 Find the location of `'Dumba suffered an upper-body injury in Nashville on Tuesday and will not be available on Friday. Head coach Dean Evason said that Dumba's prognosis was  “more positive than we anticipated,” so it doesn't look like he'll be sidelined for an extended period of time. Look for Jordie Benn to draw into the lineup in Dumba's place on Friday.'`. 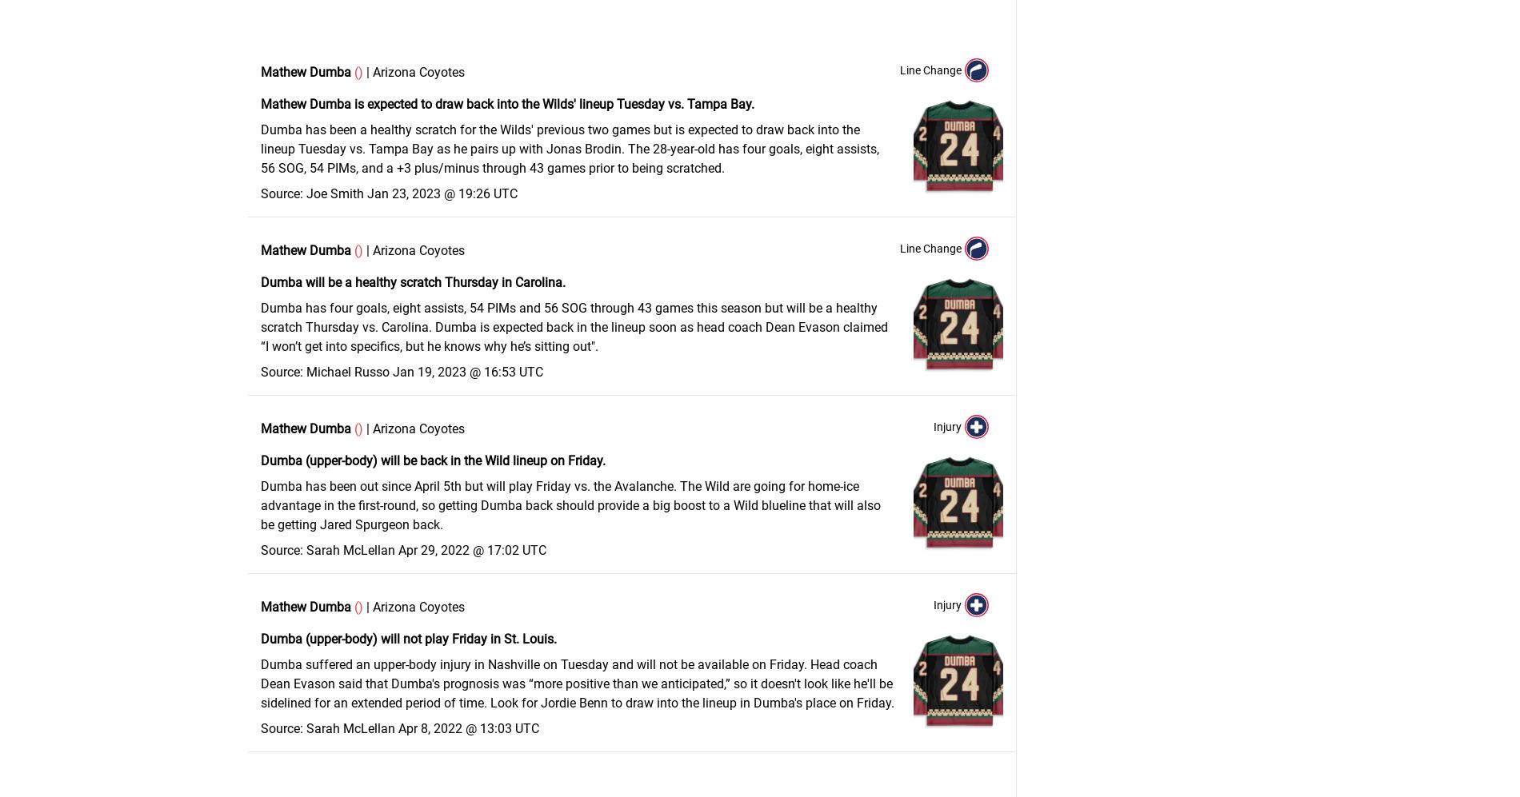

'Dumba suffered an upper-body injury in Nashville on Tuesday and will not be available on Friday. Head coach Dean Evason said that Dumba's prognosis was  “more positive than we anticipated,” so it doesn't look like he'll be sidelined for an extended period of time. Look for Jordie Benn to draw into the lineup in Dumba's place on Friday.' is located at coordinates (577, 683).